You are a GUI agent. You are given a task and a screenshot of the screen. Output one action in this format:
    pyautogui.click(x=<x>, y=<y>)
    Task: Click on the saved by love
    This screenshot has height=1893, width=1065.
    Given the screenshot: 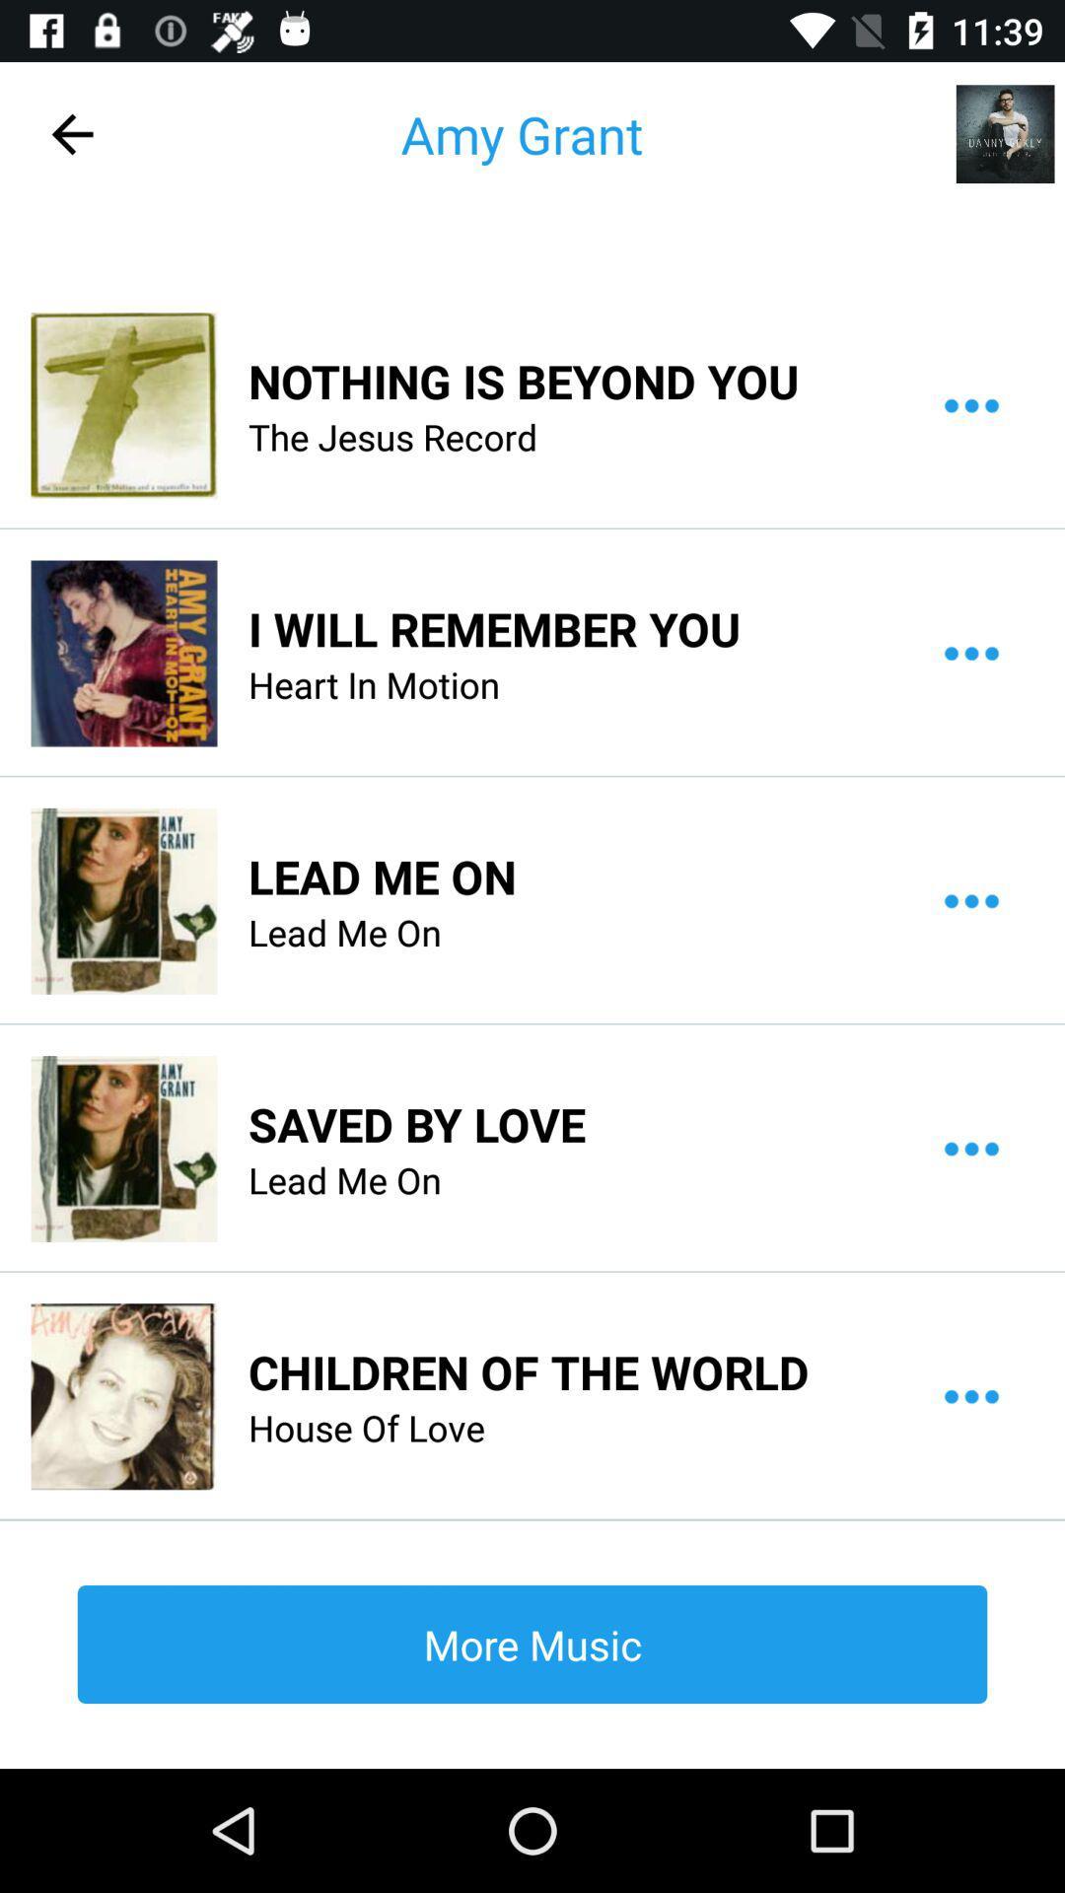 What is the action you would take?
    pyautogui.click(x=416, y=1124)
    